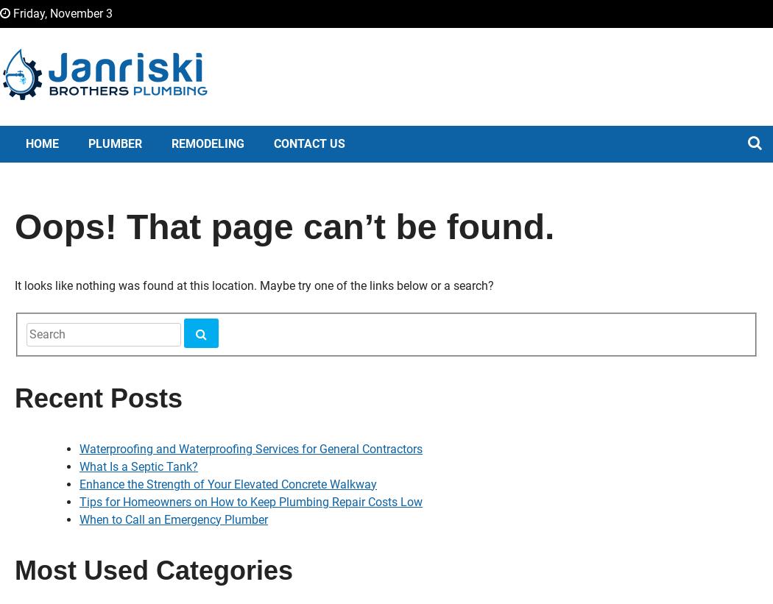 The image size is (773, 604). I want to click on 'Most Used Categories', so click(14, 569).